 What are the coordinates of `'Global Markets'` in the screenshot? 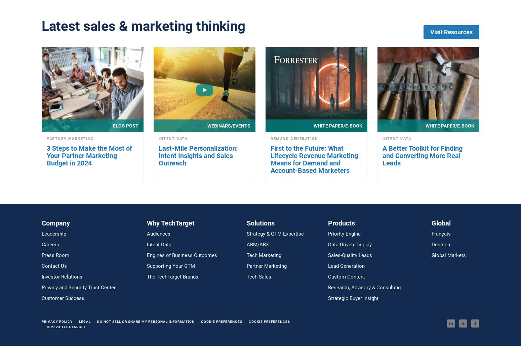 It's located at (431, 255).